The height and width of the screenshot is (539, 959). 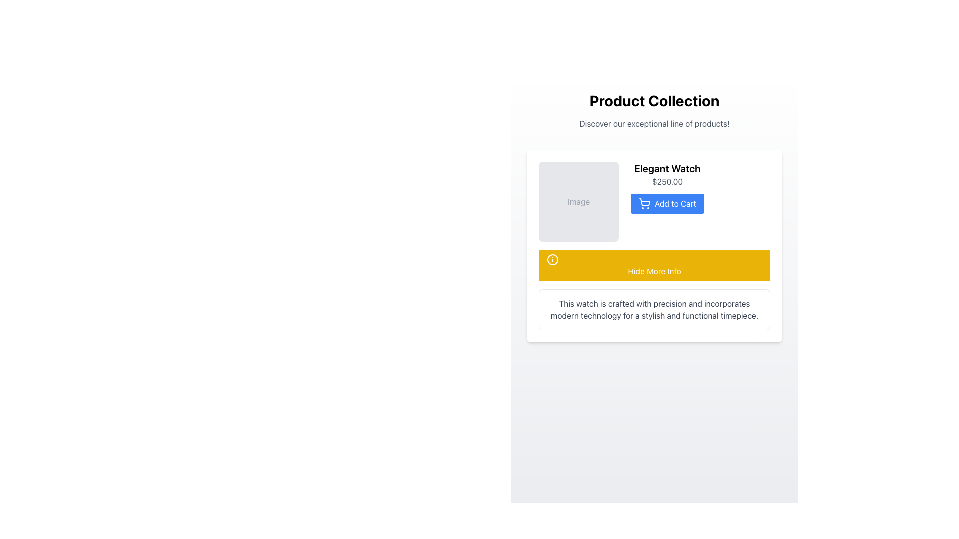 I want to click on the button that hides additional product information, positioned below the '$250.00' text and the 'Add to Cart' button, so click(x=654, y=265).